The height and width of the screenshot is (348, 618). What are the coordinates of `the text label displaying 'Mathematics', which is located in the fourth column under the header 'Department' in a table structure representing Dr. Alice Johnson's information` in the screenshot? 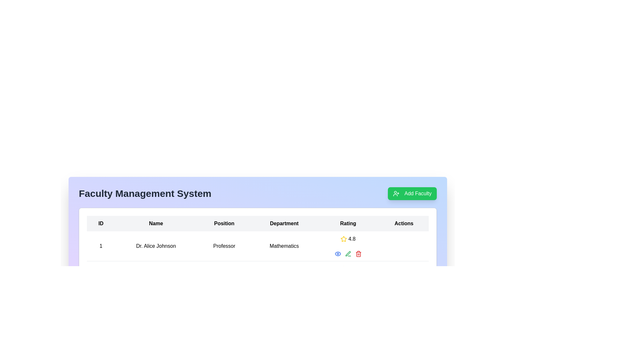 It's located at (284, 246).